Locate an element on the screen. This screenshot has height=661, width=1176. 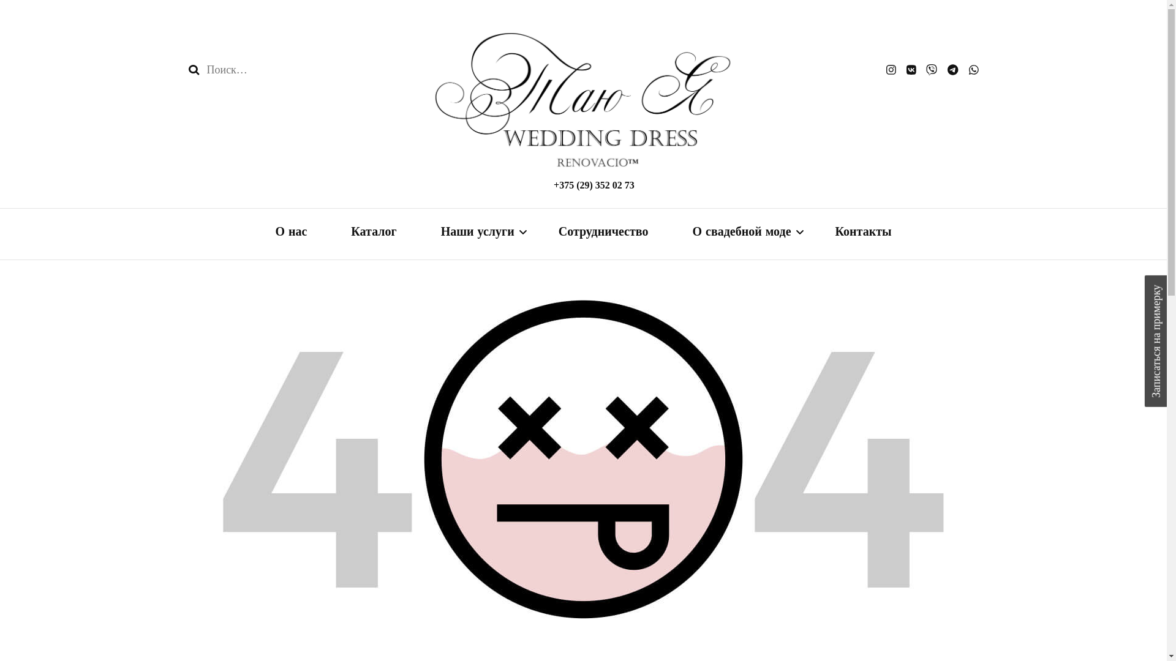
'+375 (29) 352 02 73' is located at coordinates (594, 185).